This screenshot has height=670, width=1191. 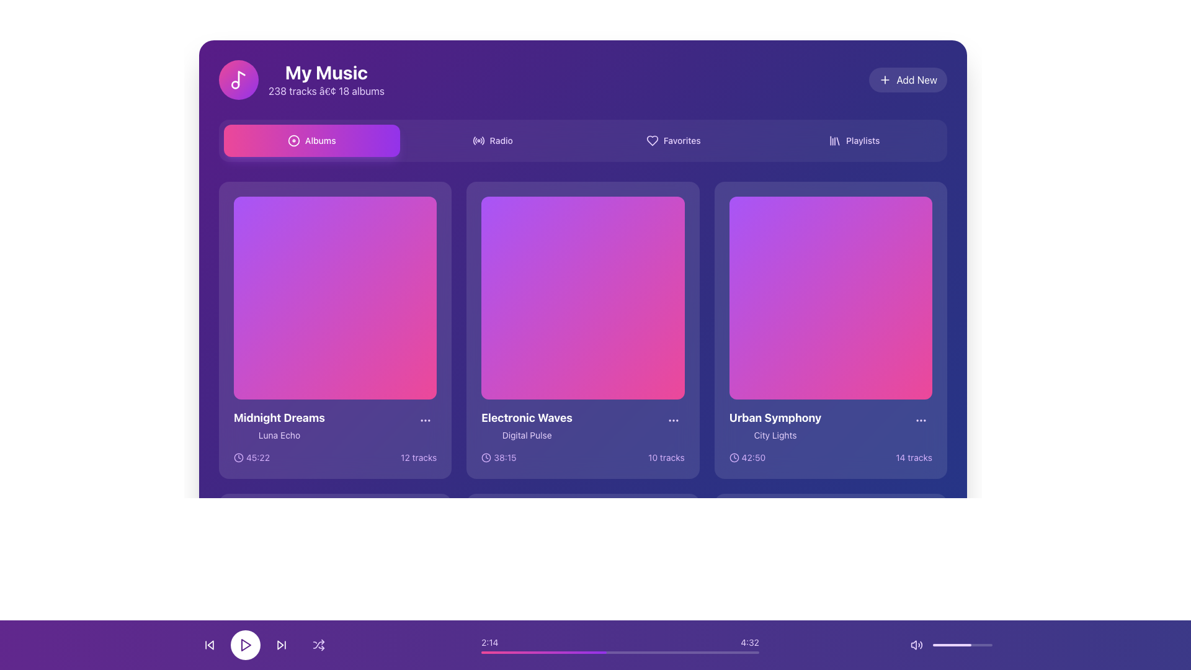 What do you see at coordinates (426, 420) in the screenshot?
I see `the interactive menu button marked by an ellipsis icon located at the bottom-right corner of the 'Midnight Dreams' album card` at bounding box center [426, 420].